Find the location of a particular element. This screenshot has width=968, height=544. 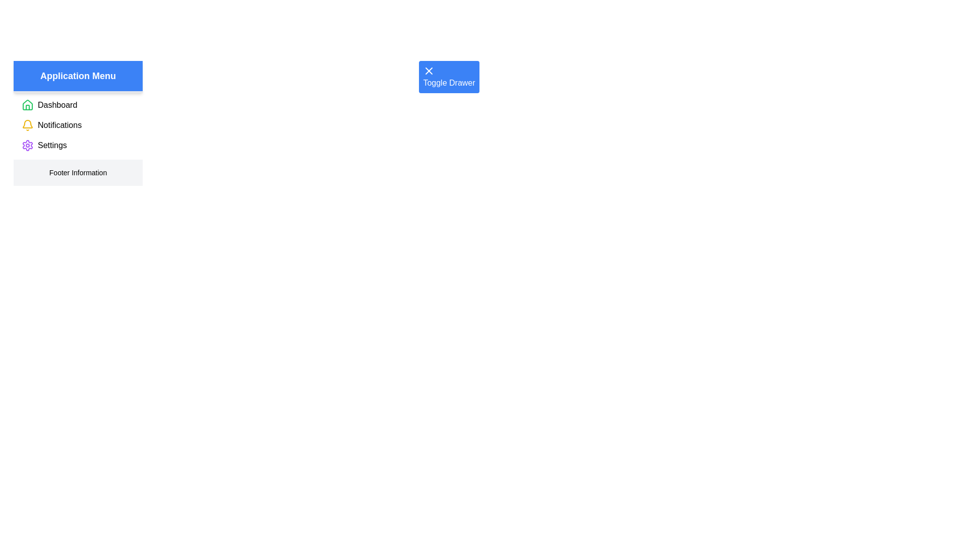

the menu item Dashboard and click it is located at coordinates (57, 105).